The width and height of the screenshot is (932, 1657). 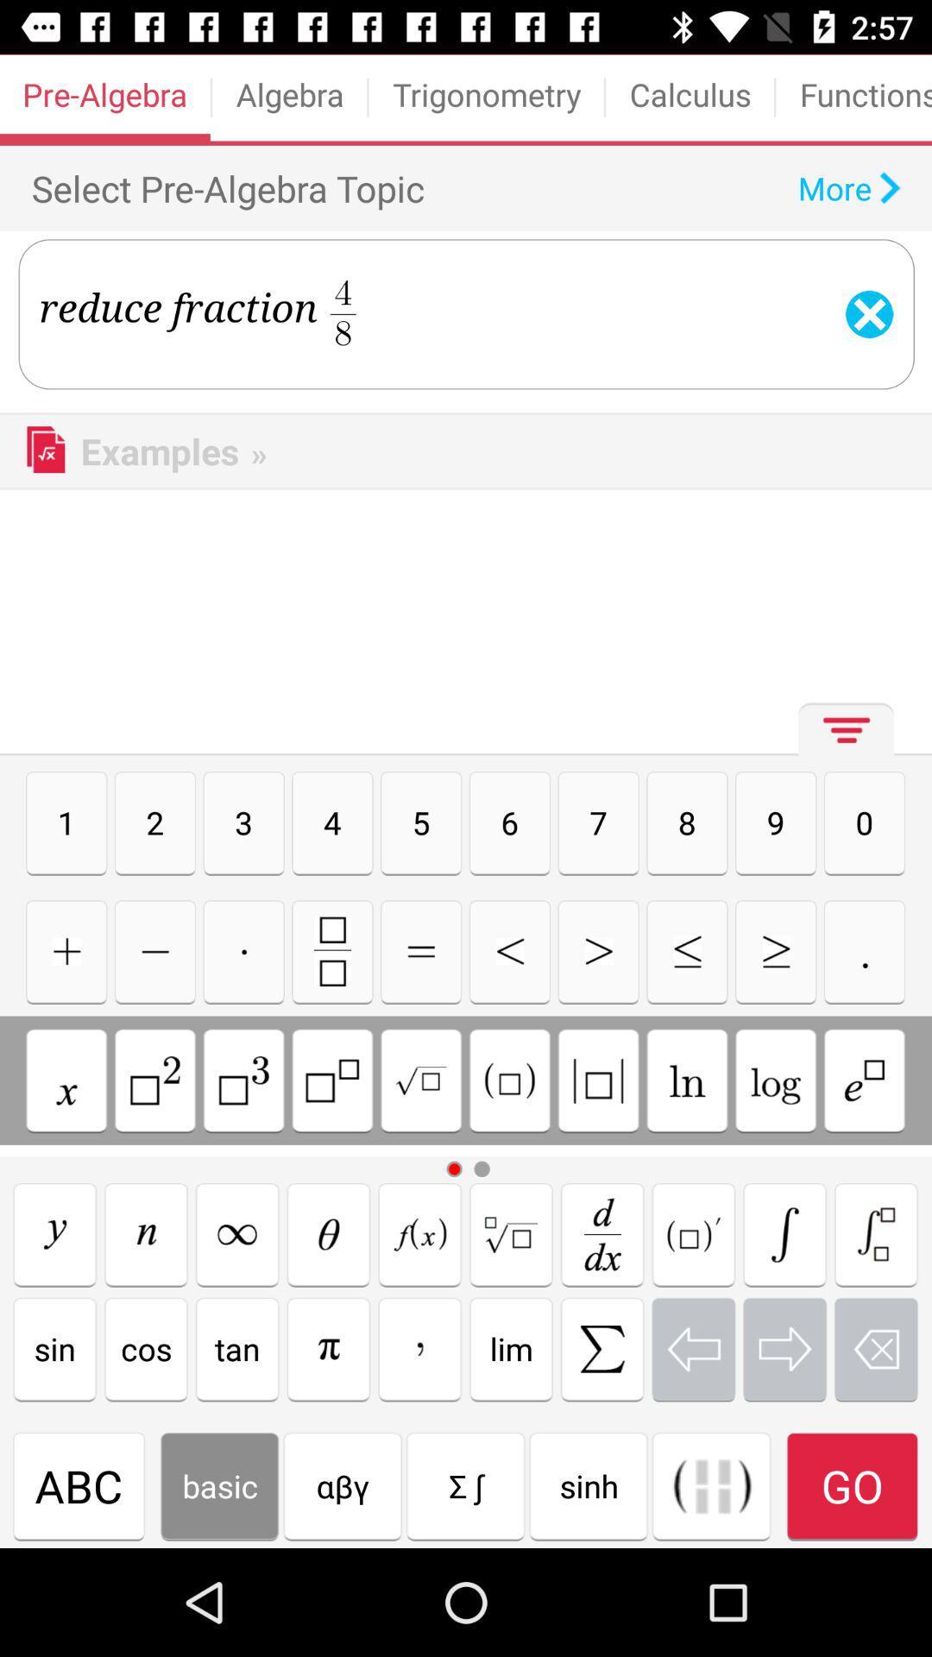 What do you see at coordinates (155, 1080) in the screenshot?
I see `multiply by 2` at bounding box center [155, 1080].